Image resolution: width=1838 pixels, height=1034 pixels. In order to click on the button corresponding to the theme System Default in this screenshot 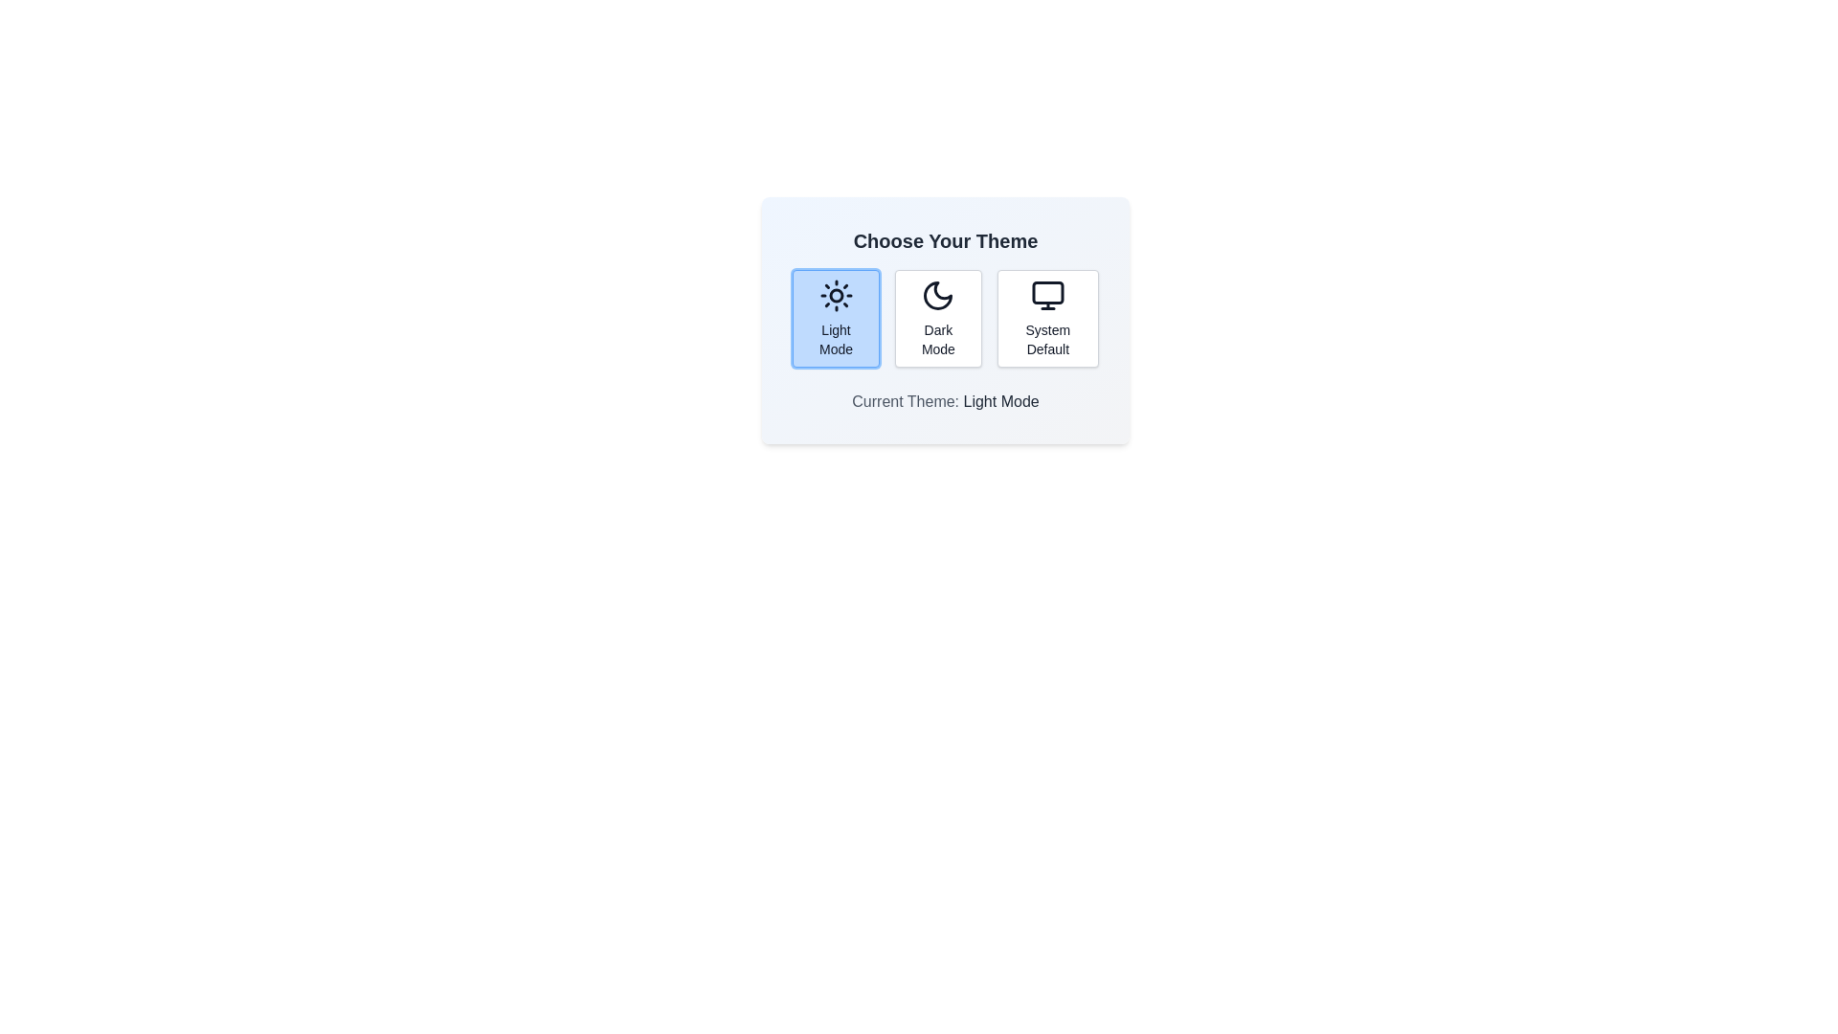, I will do `click(1046, 317)`.